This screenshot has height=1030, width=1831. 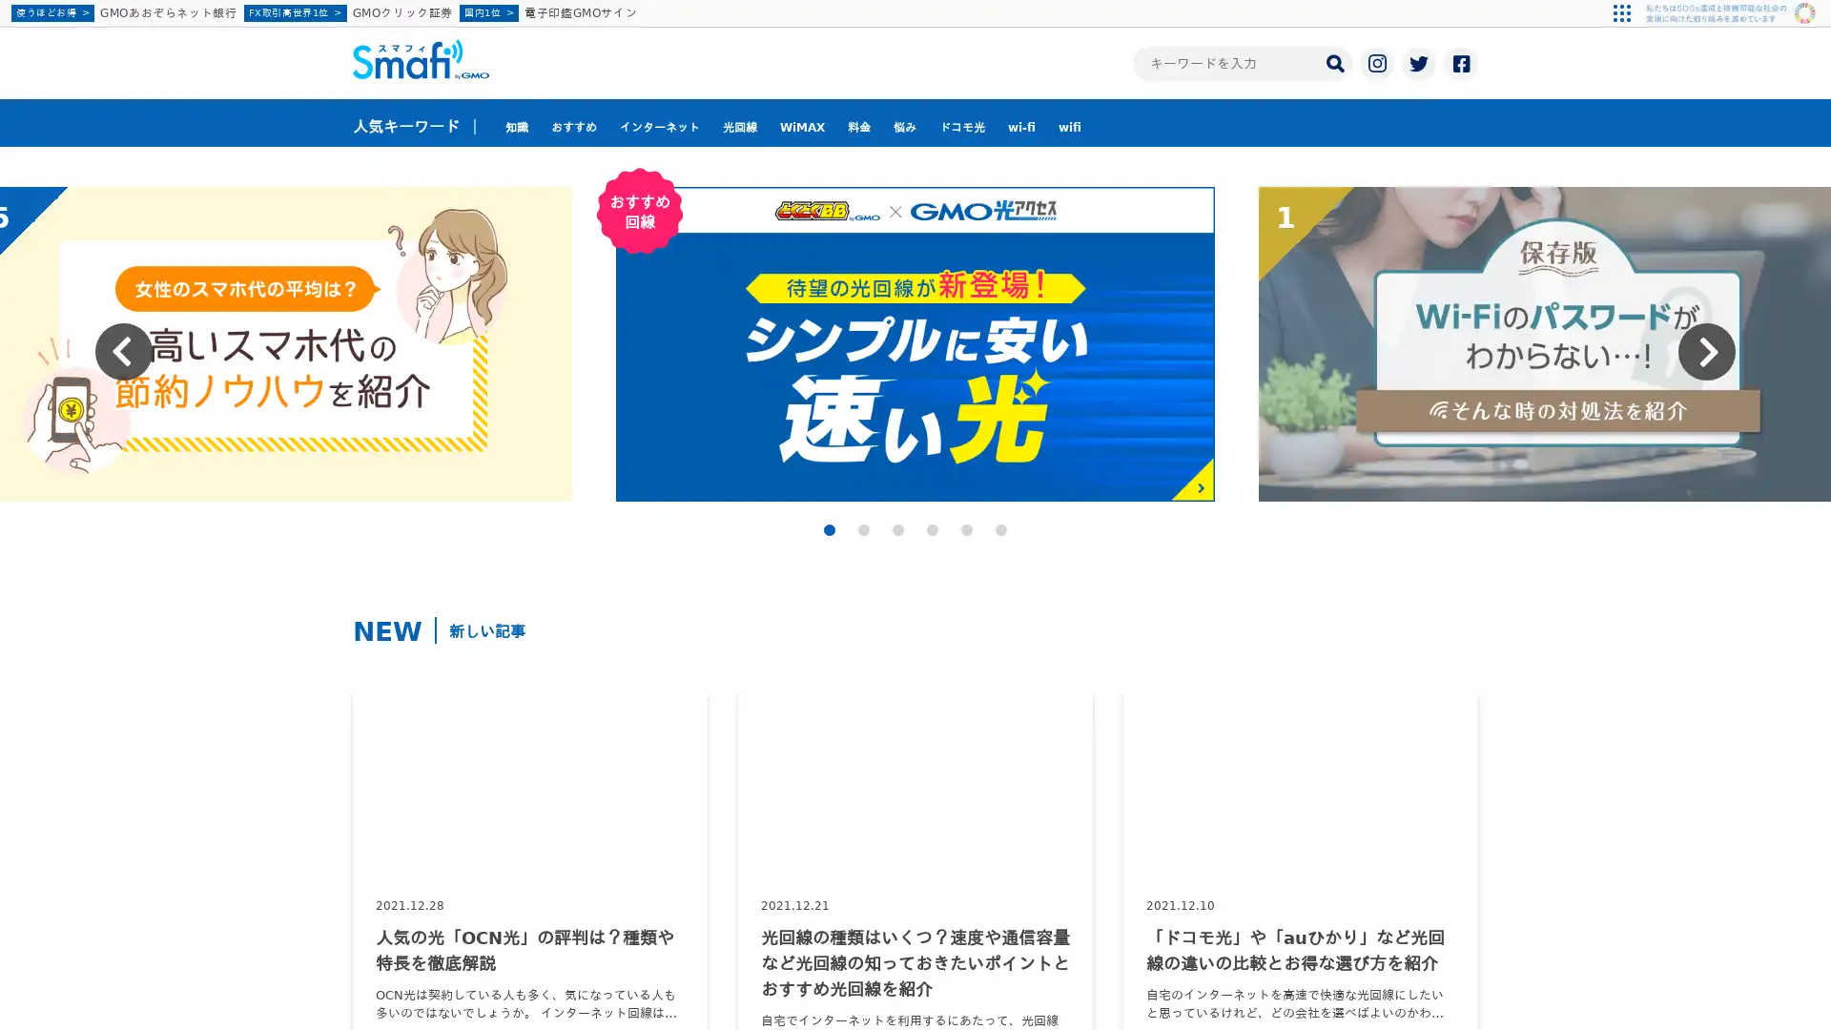 What do you see at coordinates (1707, 352) in the screenshot?
I see `Next` at bounding box center [1707, 352].